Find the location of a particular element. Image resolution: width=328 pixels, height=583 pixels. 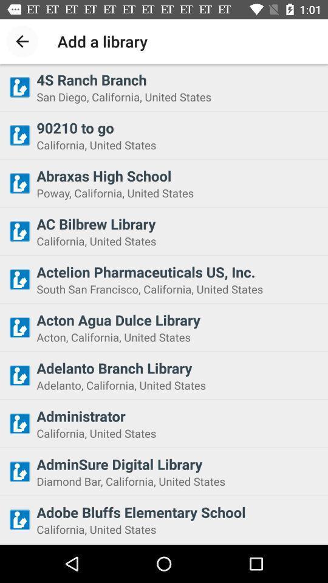

the 90210 to go is located at coordinates (178, 128).